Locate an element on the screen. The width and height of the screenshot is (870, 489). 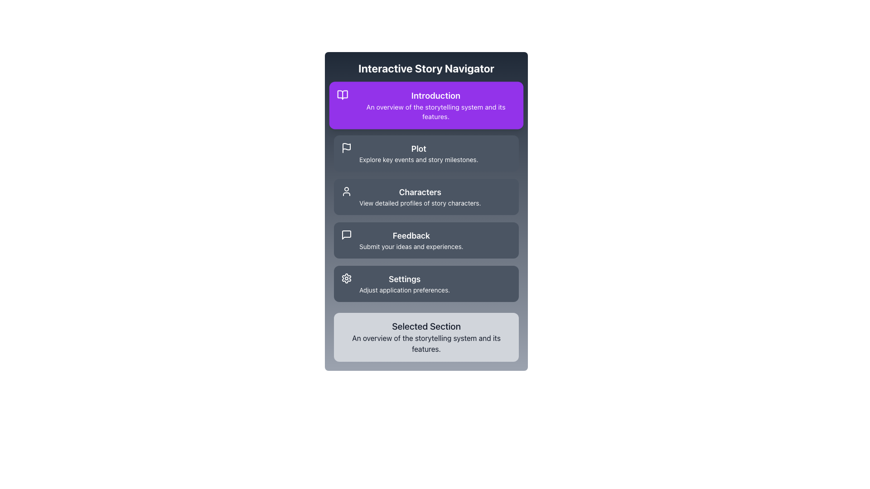
the text label that reads 'Explore key events and story milestones.' located directly beneath the 'Plot' section title in the navigation menu is located at coordinates (418, 159).